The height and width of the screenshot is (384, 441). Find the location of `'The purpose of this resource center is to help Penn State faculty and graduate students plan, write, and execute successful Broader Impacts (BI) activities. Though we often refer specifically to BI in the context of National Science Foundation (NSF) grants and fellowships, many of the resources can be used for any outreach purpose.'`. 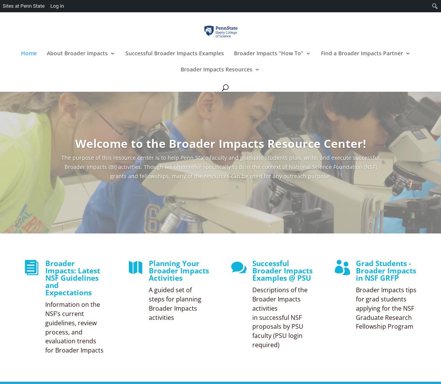

'The purpose of this resource center is to help Penn State faculty and graduate students plan, write, and execute successful Broader Impacts (BI) activities. Though we often refer specifically to BI in the context of National Science Foundation (NSF) grants and fellowships, many of the resources can be used for any outreach purpose.' is located at coordinates (220, 167).